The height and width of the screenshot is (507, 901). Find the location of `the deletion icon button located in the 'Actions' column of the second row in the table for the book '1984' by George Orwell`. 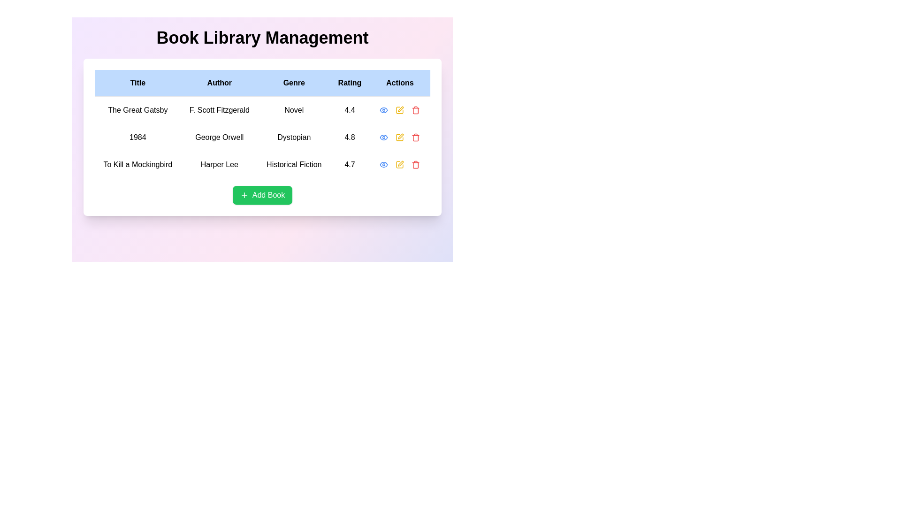

the deletion icon button located in the 'Actions' column of the second row in the table for the book '1984' by George Orwell is located at coordinates (415, 138).